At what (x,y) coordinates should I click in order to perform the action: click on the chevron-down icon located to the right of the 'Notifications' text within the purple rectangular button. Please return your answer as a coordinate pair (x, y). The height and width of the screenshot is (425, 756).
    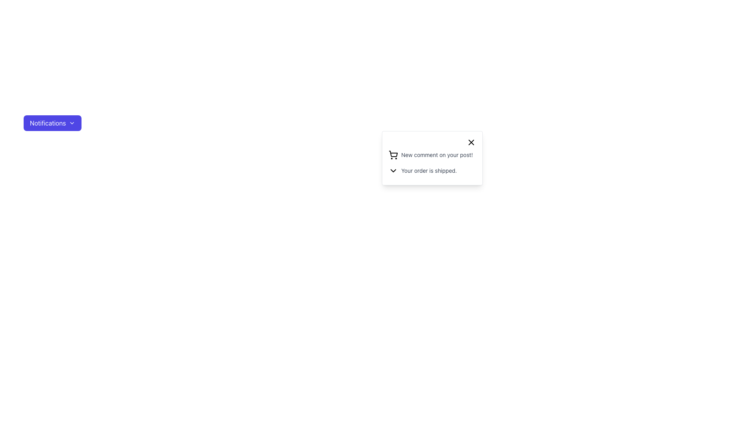
    Looking at the image, I should click on (72, 123).